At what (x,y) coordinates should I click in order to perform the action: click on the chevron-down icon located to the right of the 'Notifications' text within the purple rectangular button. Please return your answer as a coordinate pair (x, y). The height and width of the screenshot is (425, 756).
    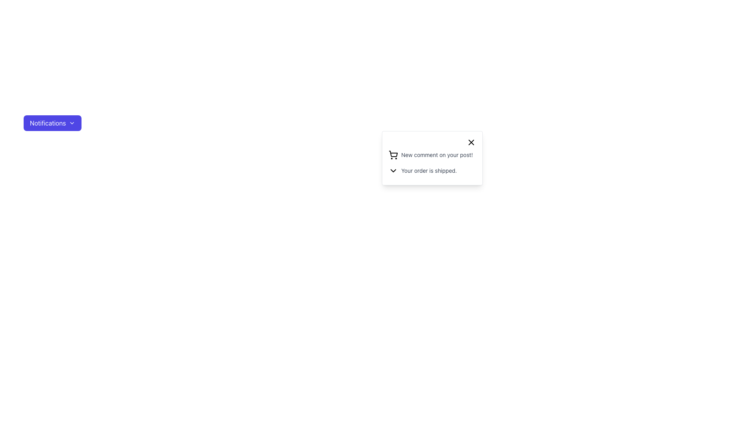
    Looking at the image, I should click on (72, 123).